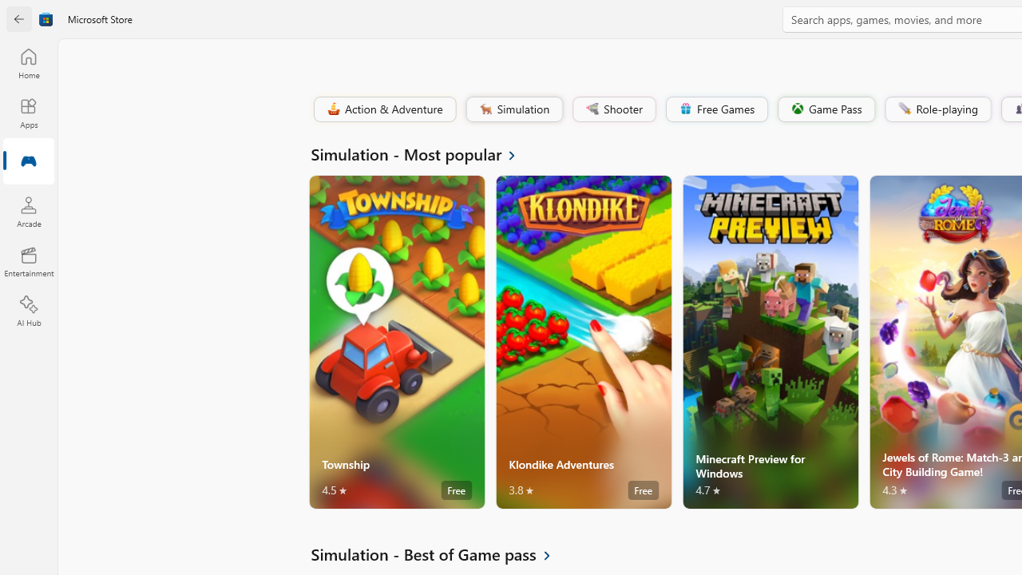  I want to click on 'See all  Simulation - Best of Game pass', so click(440, 553).